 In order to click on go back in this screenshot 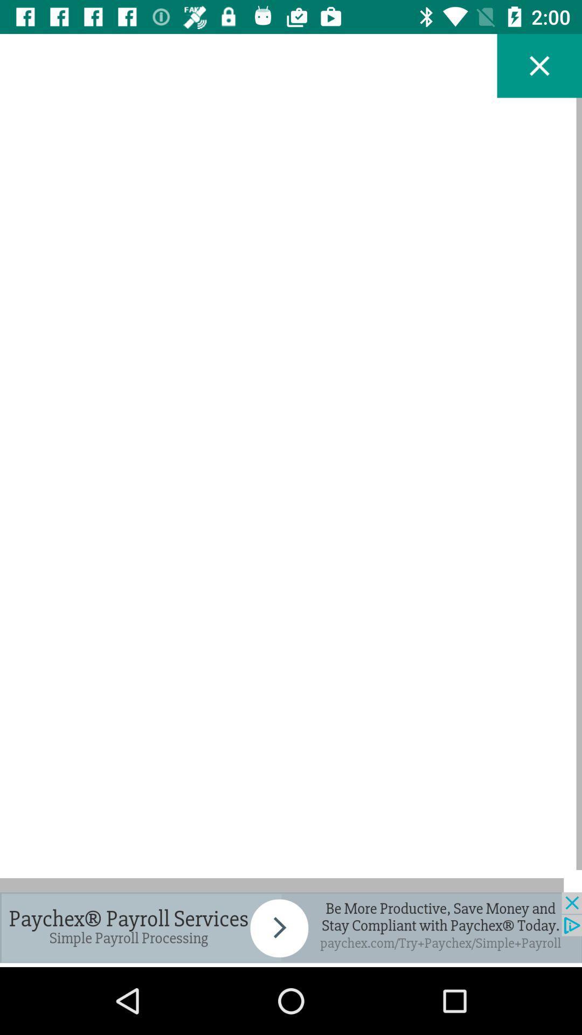, I will do `click(539, 65)`.